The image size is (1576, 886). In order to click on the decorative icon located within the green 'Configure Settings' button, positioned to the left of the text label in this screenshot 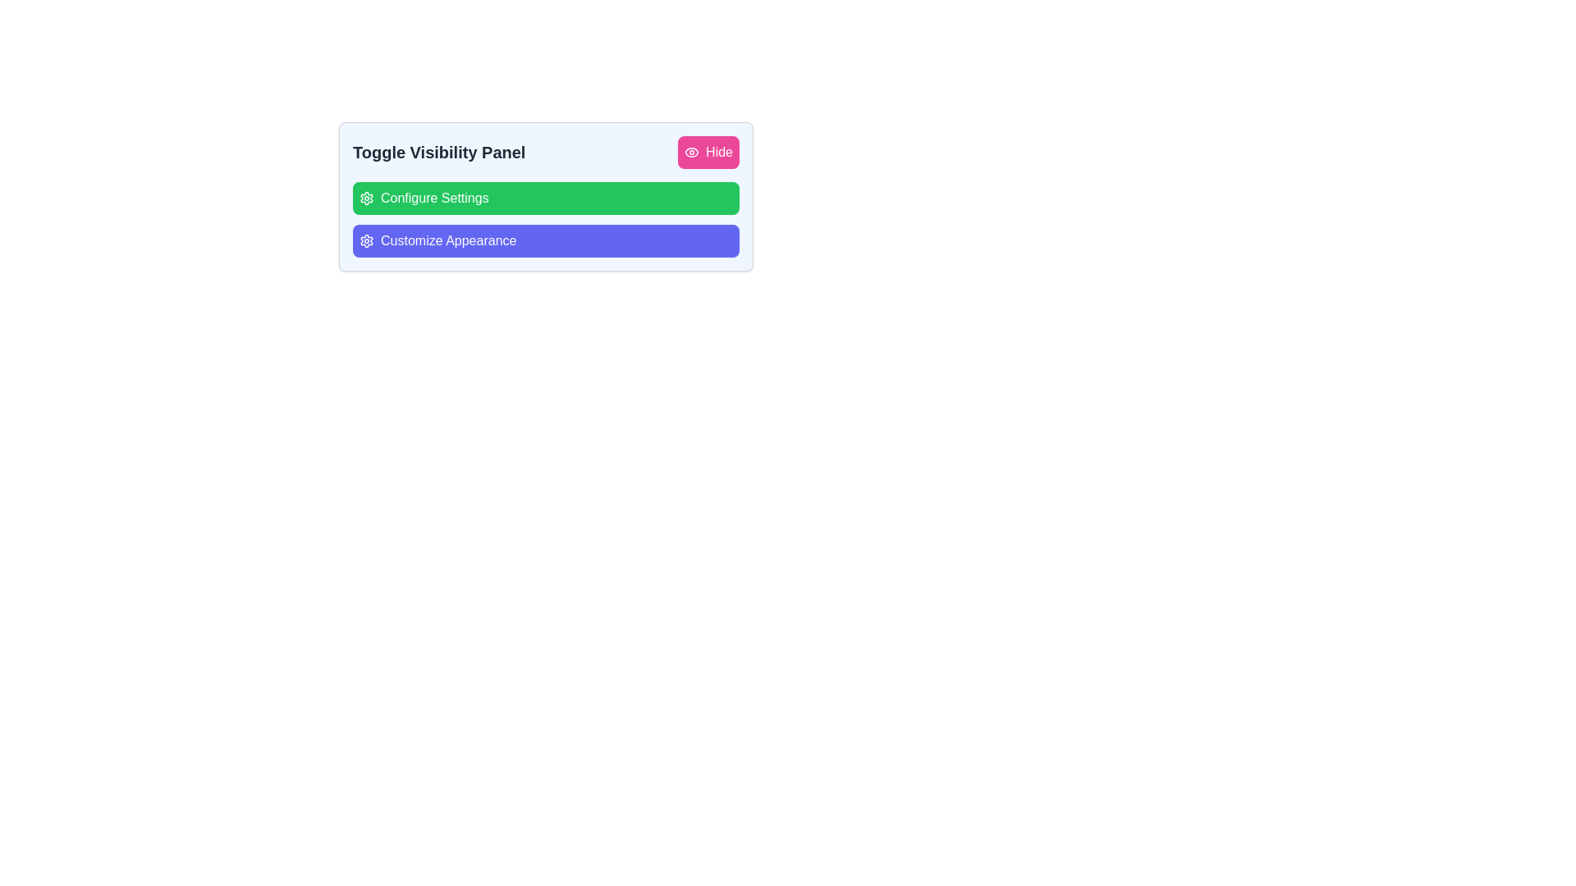, I will do `click(365, 198)`.